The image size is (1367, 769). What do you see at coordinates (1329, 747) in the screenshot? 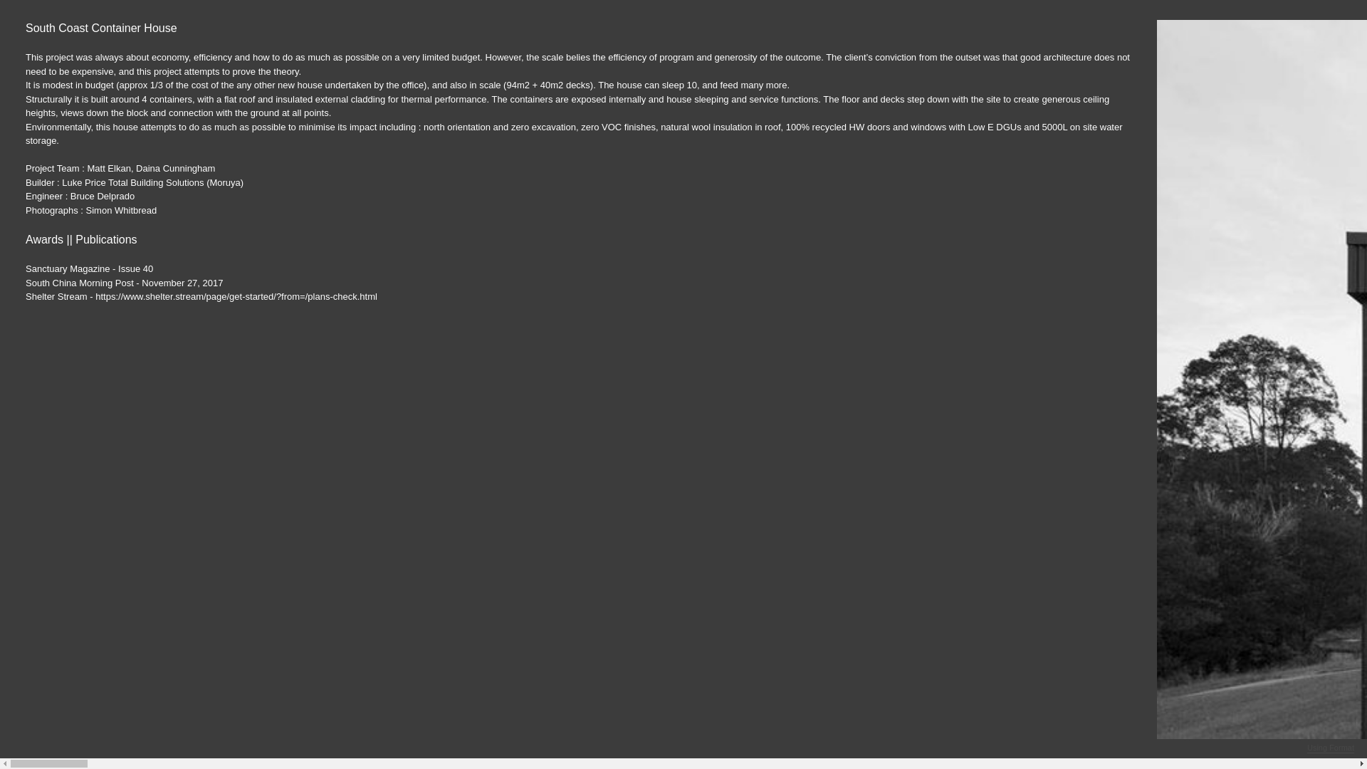
I see `'Using Format'` at bounding box center [1329, 747].